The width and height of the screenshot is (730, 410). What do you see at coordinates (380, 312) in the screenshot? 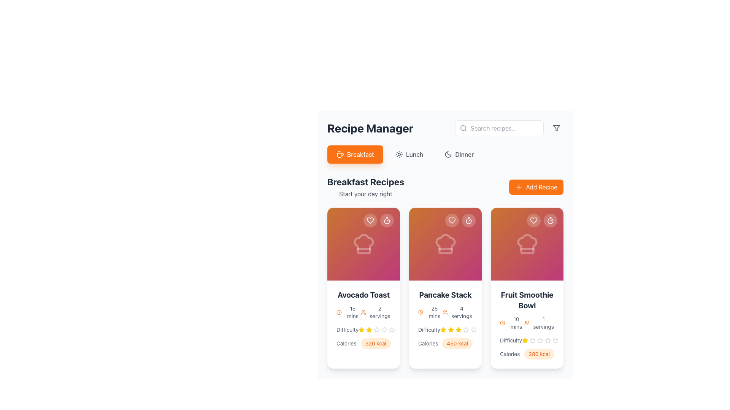
I see `the static text label indicating the number of servings for the recipe 'Avocado Toast', located in the first recipe card adjacent to the user icon` at bounding box center [380, 312].